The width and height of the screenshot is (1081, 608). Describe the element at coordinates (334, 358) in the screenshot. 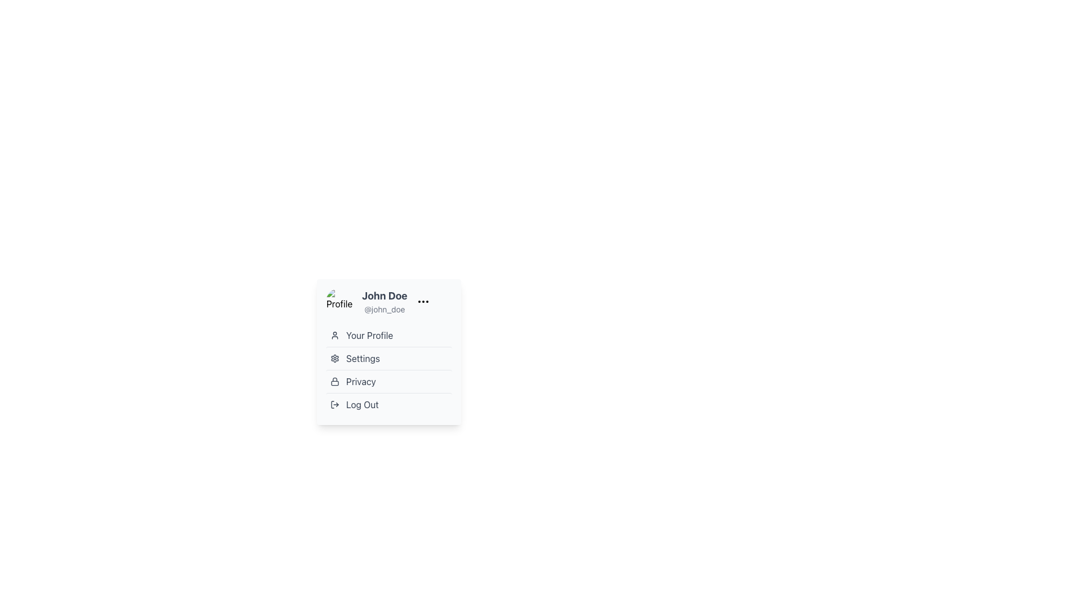

I see `the gear icon representing settings, located to the left of the 'Settings' label in the menu` at that location.